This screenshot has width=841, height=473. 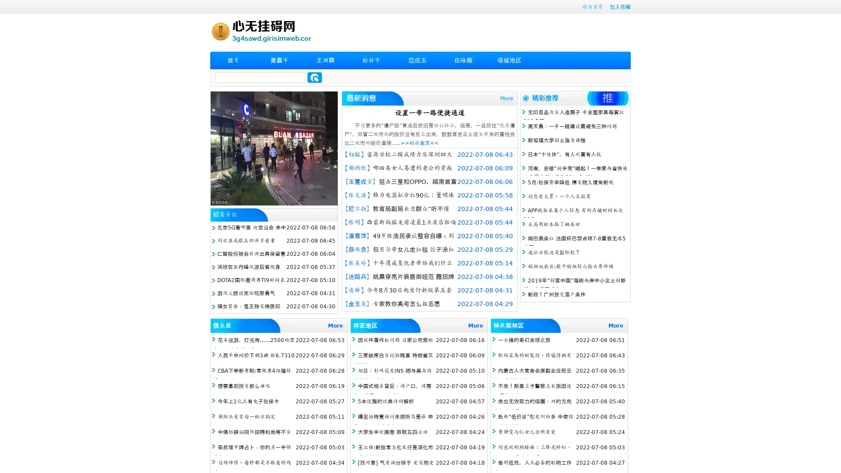 I want to click on Search, so click(x=314, y=77).